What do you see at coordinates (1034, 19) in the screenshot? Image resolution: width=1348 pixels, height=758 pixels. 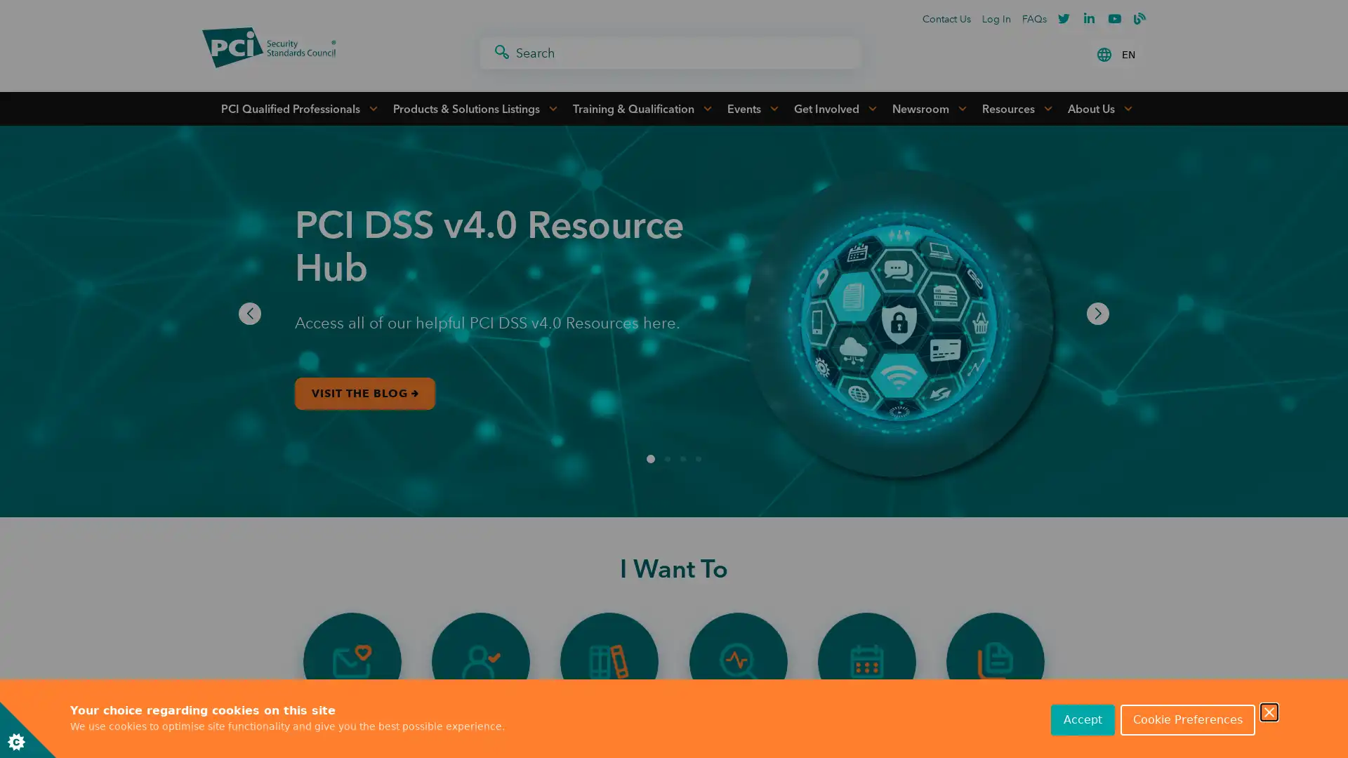 I see `FAQs` at bounding box center [1034, 19].